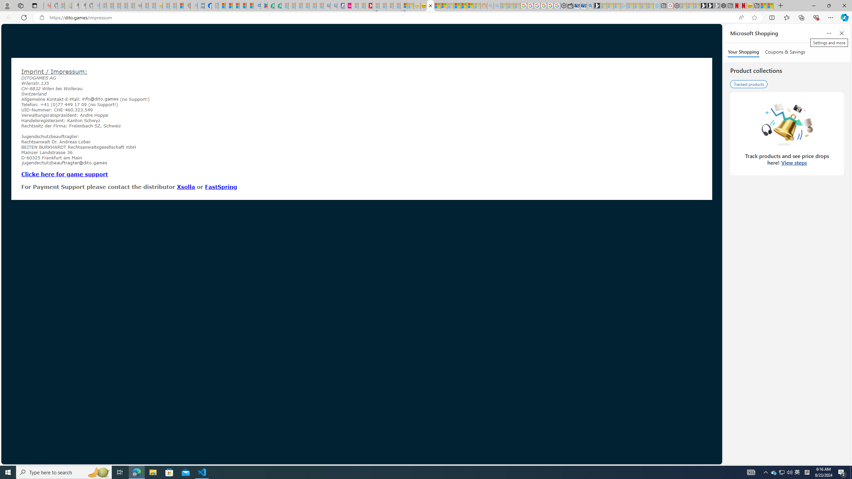 This screenshot has height=479, width=852. I want to click on 'Wildlife - MSN', so click(763, 5).